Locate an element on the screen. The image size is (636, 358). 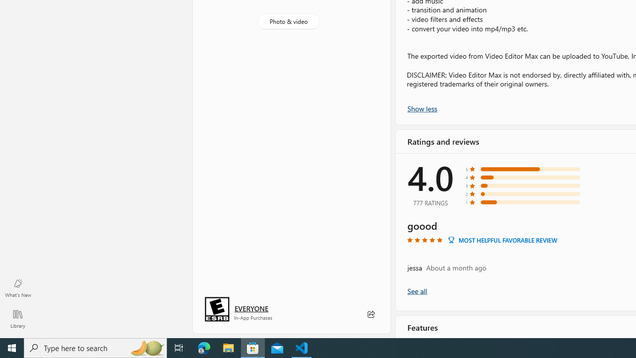
'What' is located at coordinates (17, 287).